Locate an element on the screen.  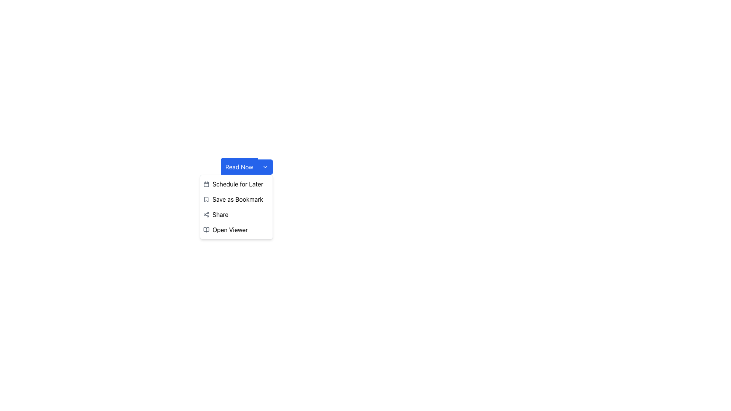
the small downward-pointing chevron icon located to the right of the 'Read Now' button with blue background and white text is located at coordinates (265, 167).